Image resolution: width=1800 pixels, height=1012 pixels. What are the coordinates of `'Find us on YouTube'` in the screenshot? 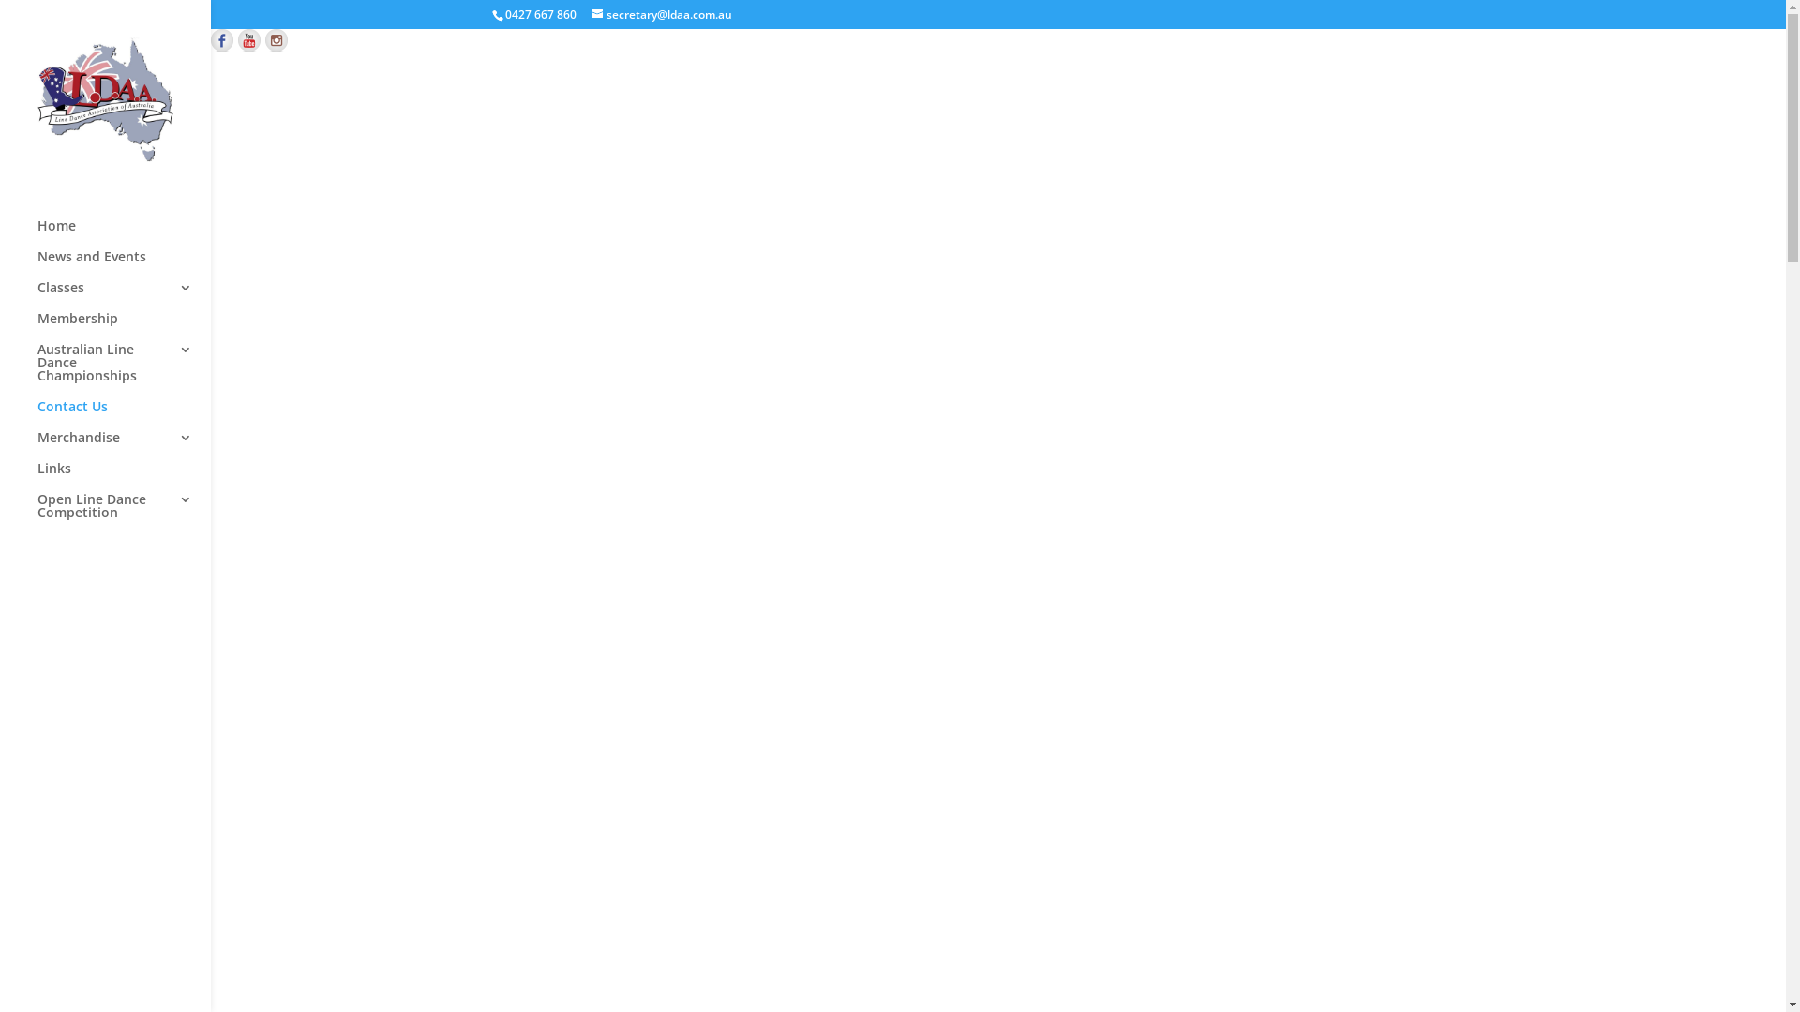 It's located at (247, 39).